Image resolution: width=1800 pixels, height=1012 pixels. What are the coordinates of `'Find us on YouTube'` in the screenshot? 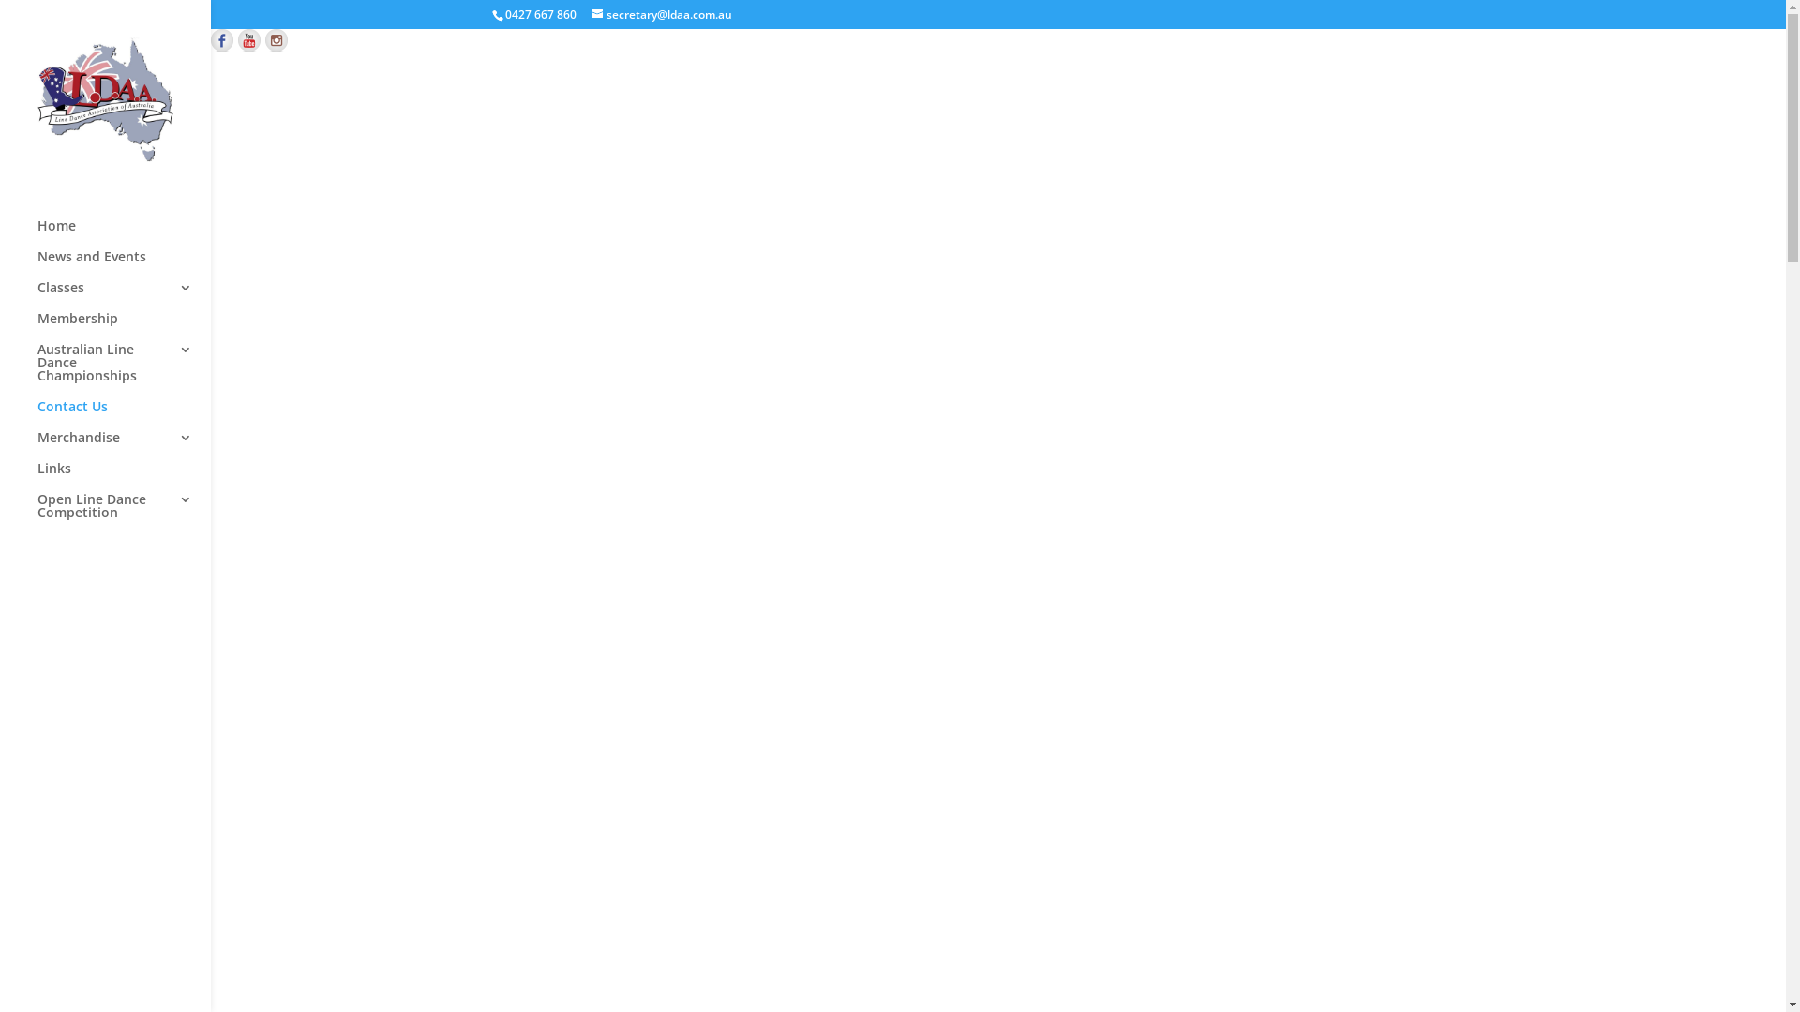 It's located at (247, 39).